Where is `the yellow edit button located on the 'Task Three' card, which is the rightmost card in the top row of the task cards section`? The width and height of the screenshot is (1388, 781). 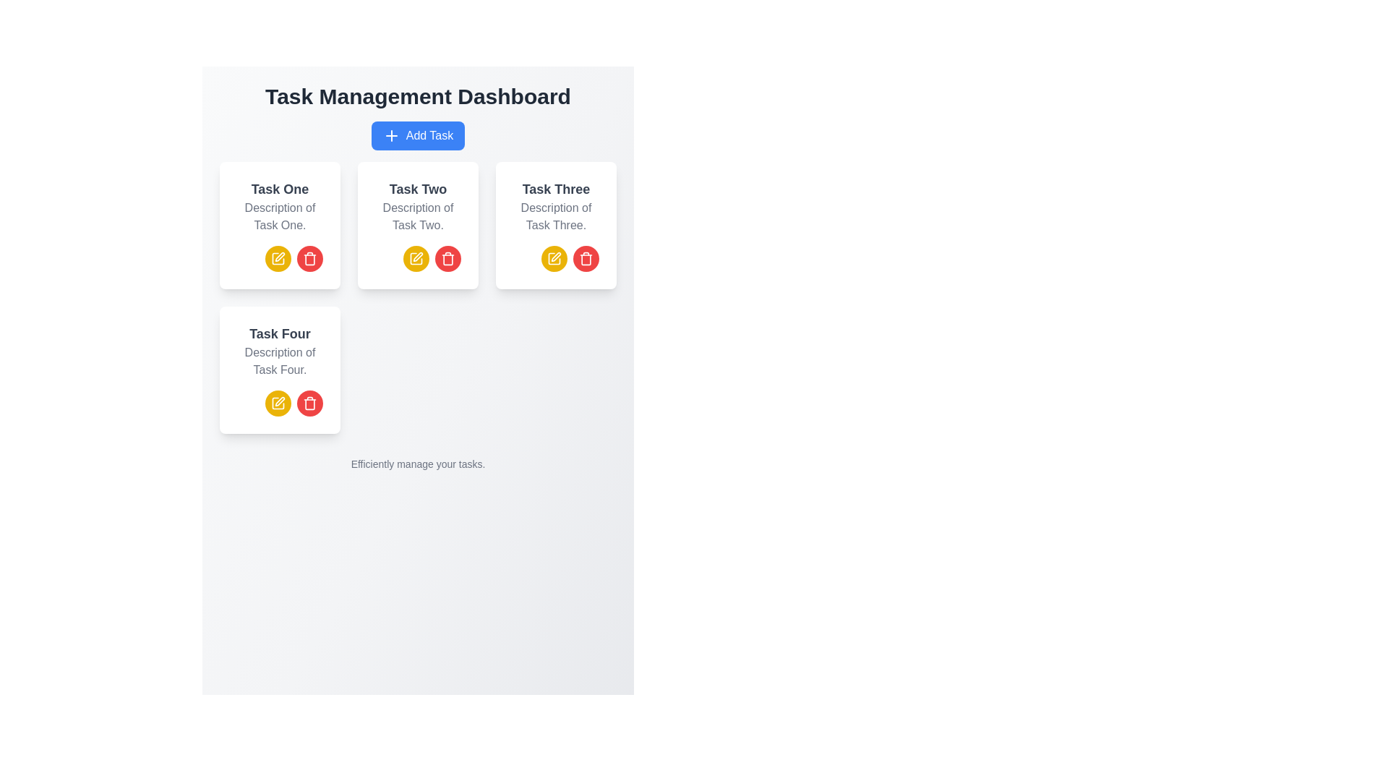
the yellow edit button located on the 'Task Three' card, which is the rightmost card in the top row of the task cards section is located at coordinates (555, 258).